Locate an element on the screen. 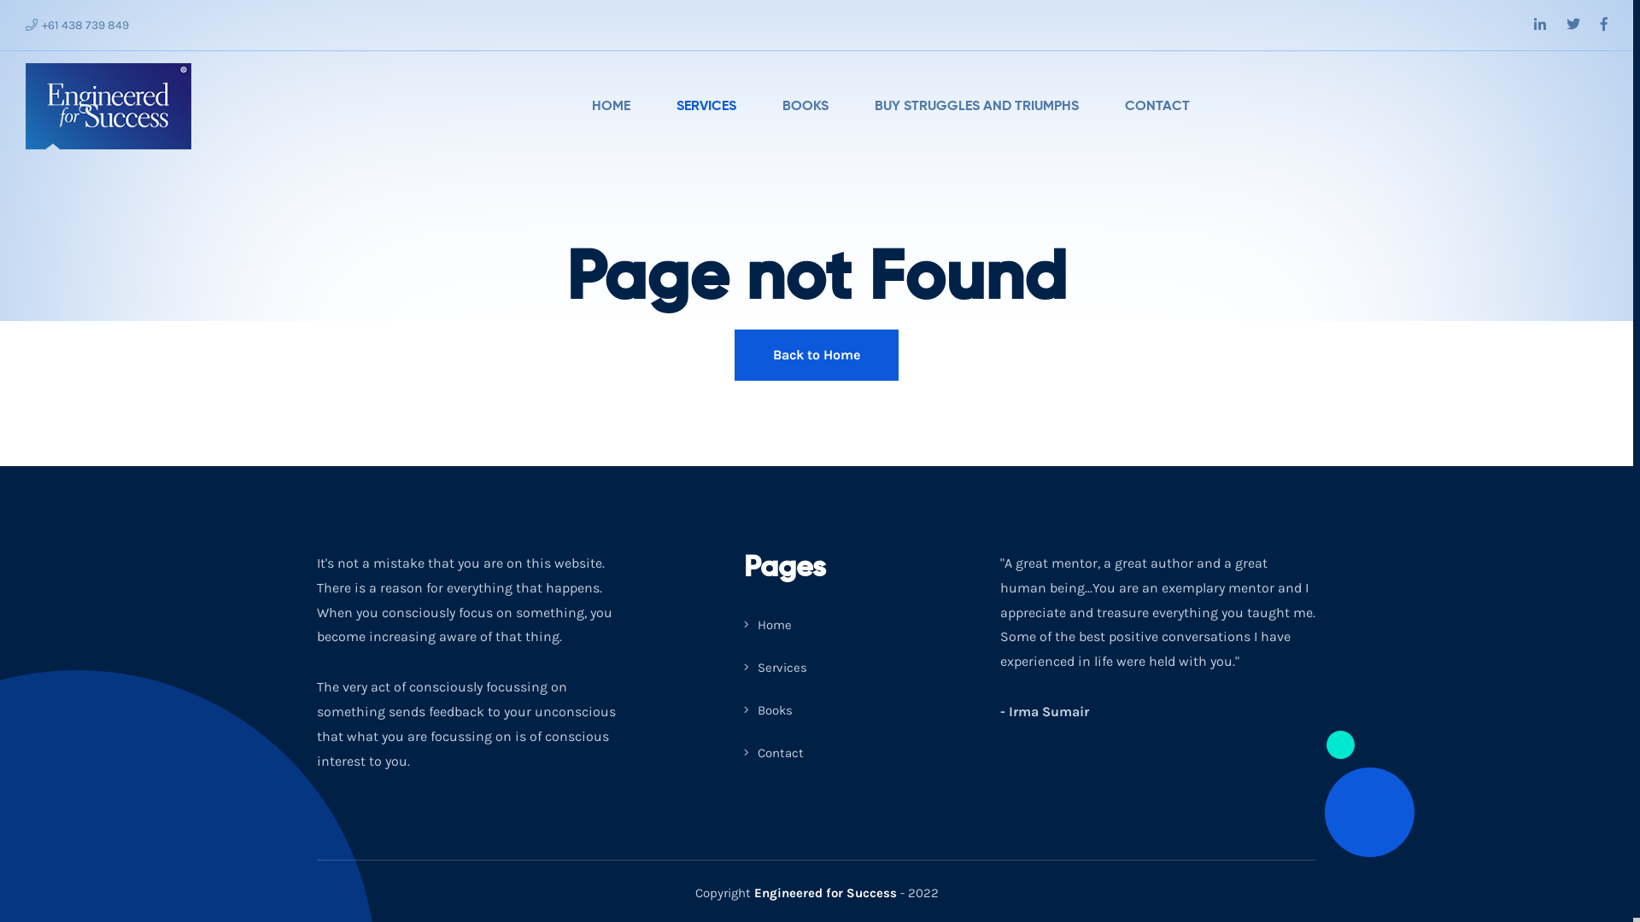 The image size is (1640, 922). '+61 438 739 849' is located at coordinates (76, 25).